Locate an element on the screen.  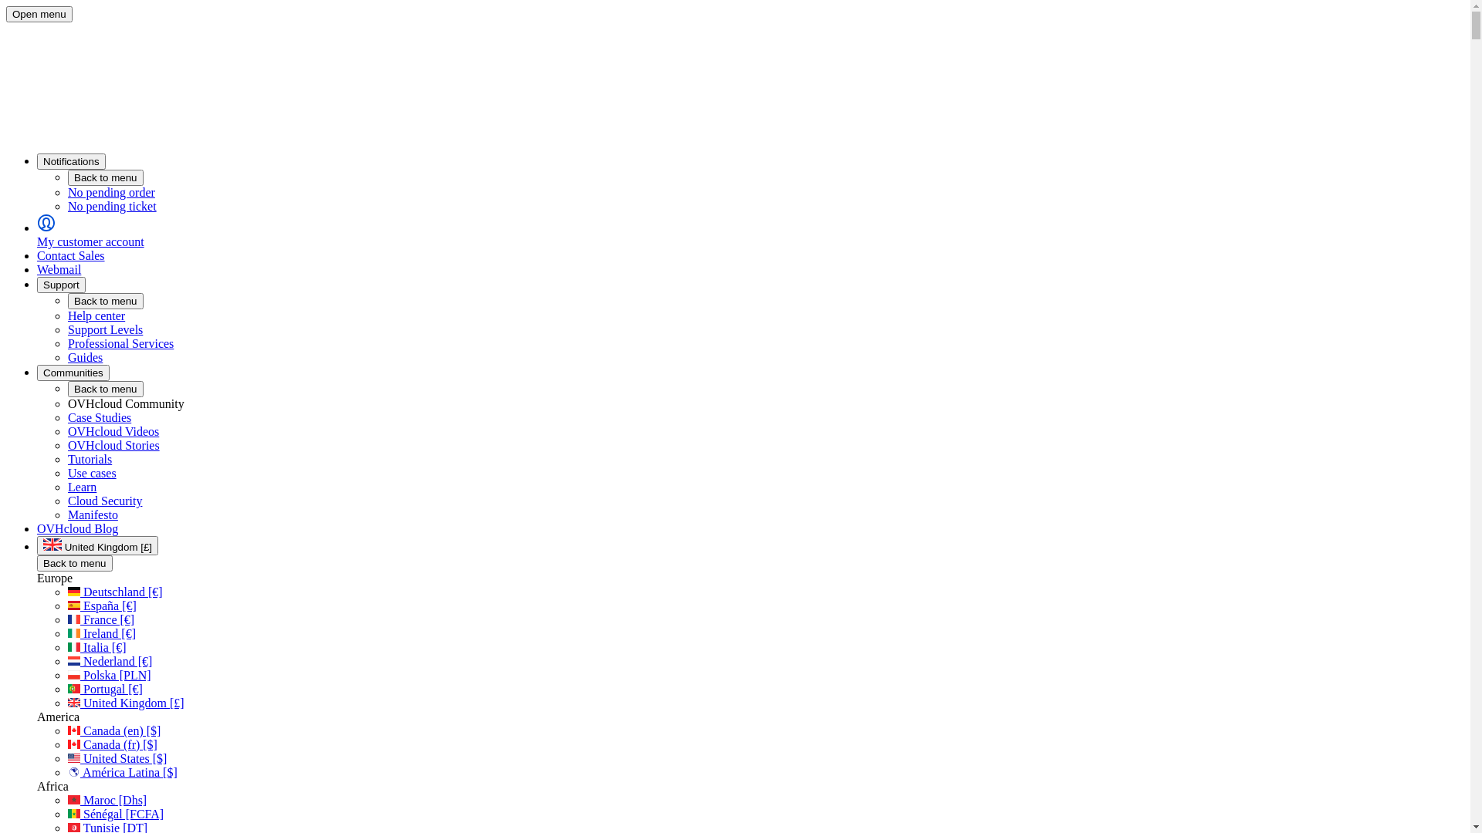
'Canada (fr) [$]' is located at coordinates (111, 744).